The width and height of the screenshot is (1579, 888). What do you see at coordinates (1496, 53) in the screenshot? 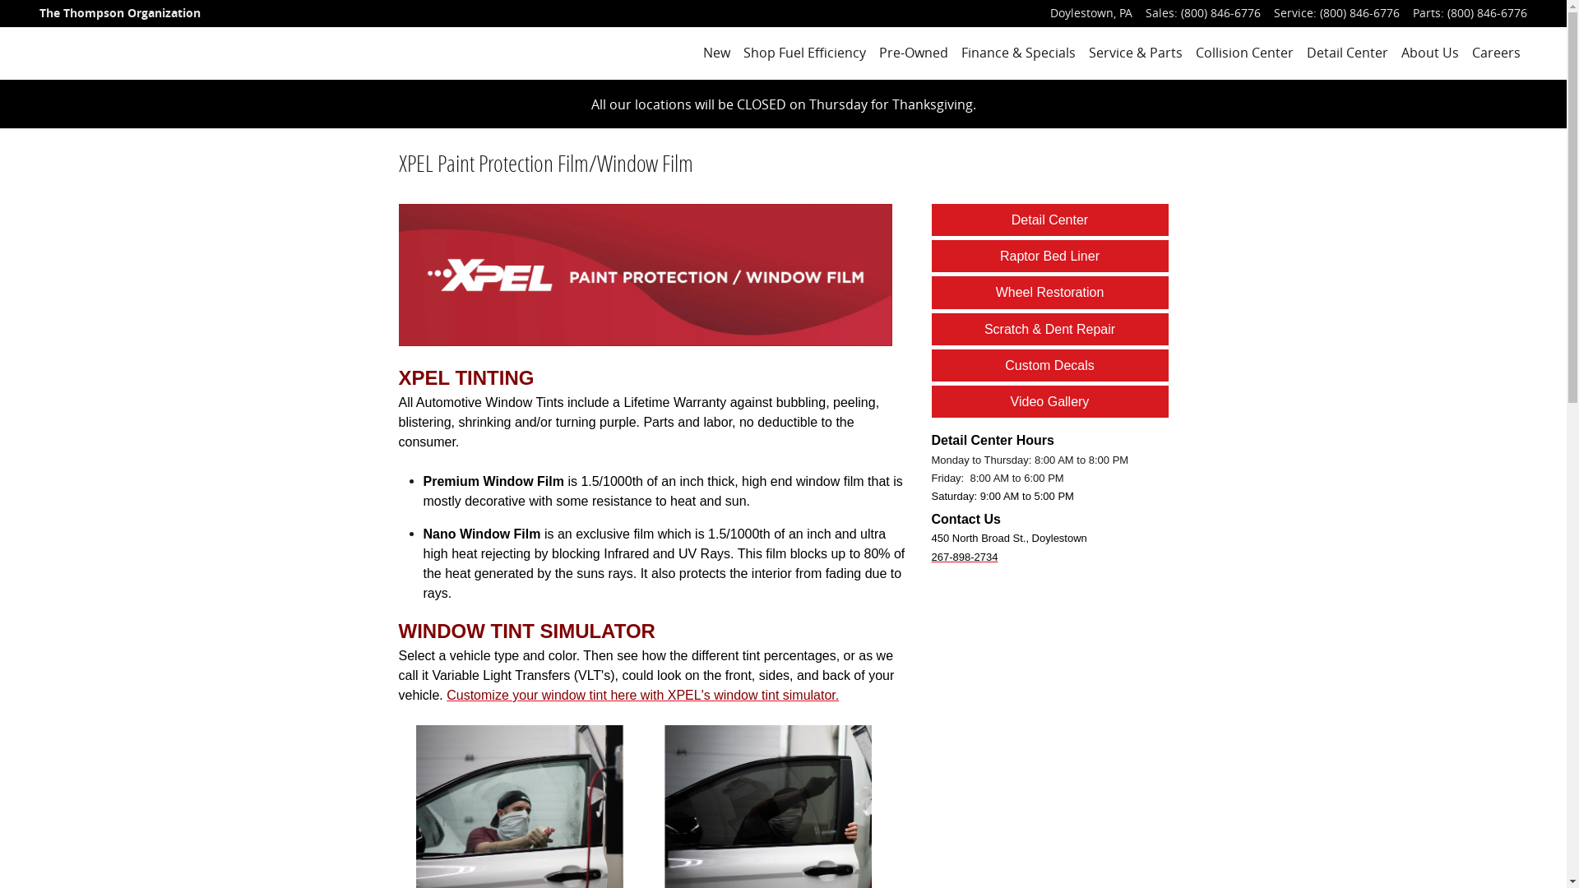
I see `'Careers'` at bounding box center [1496, 53].